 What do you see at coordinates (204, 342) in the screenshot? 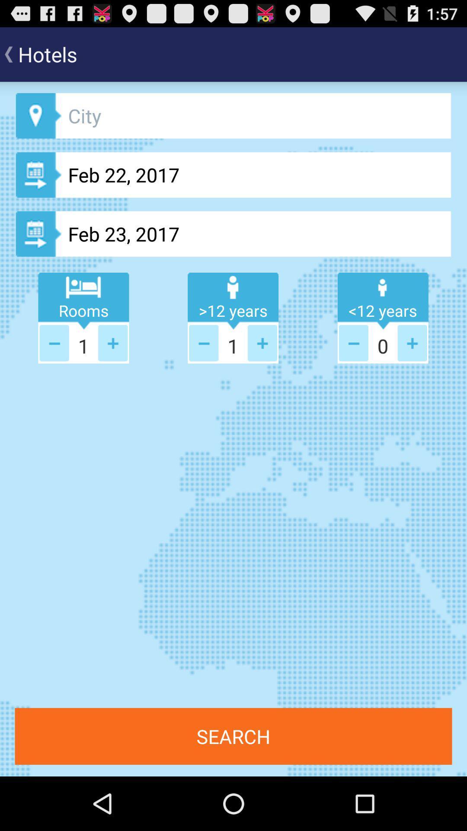
I see `less button` at bounding box center [204, 342].